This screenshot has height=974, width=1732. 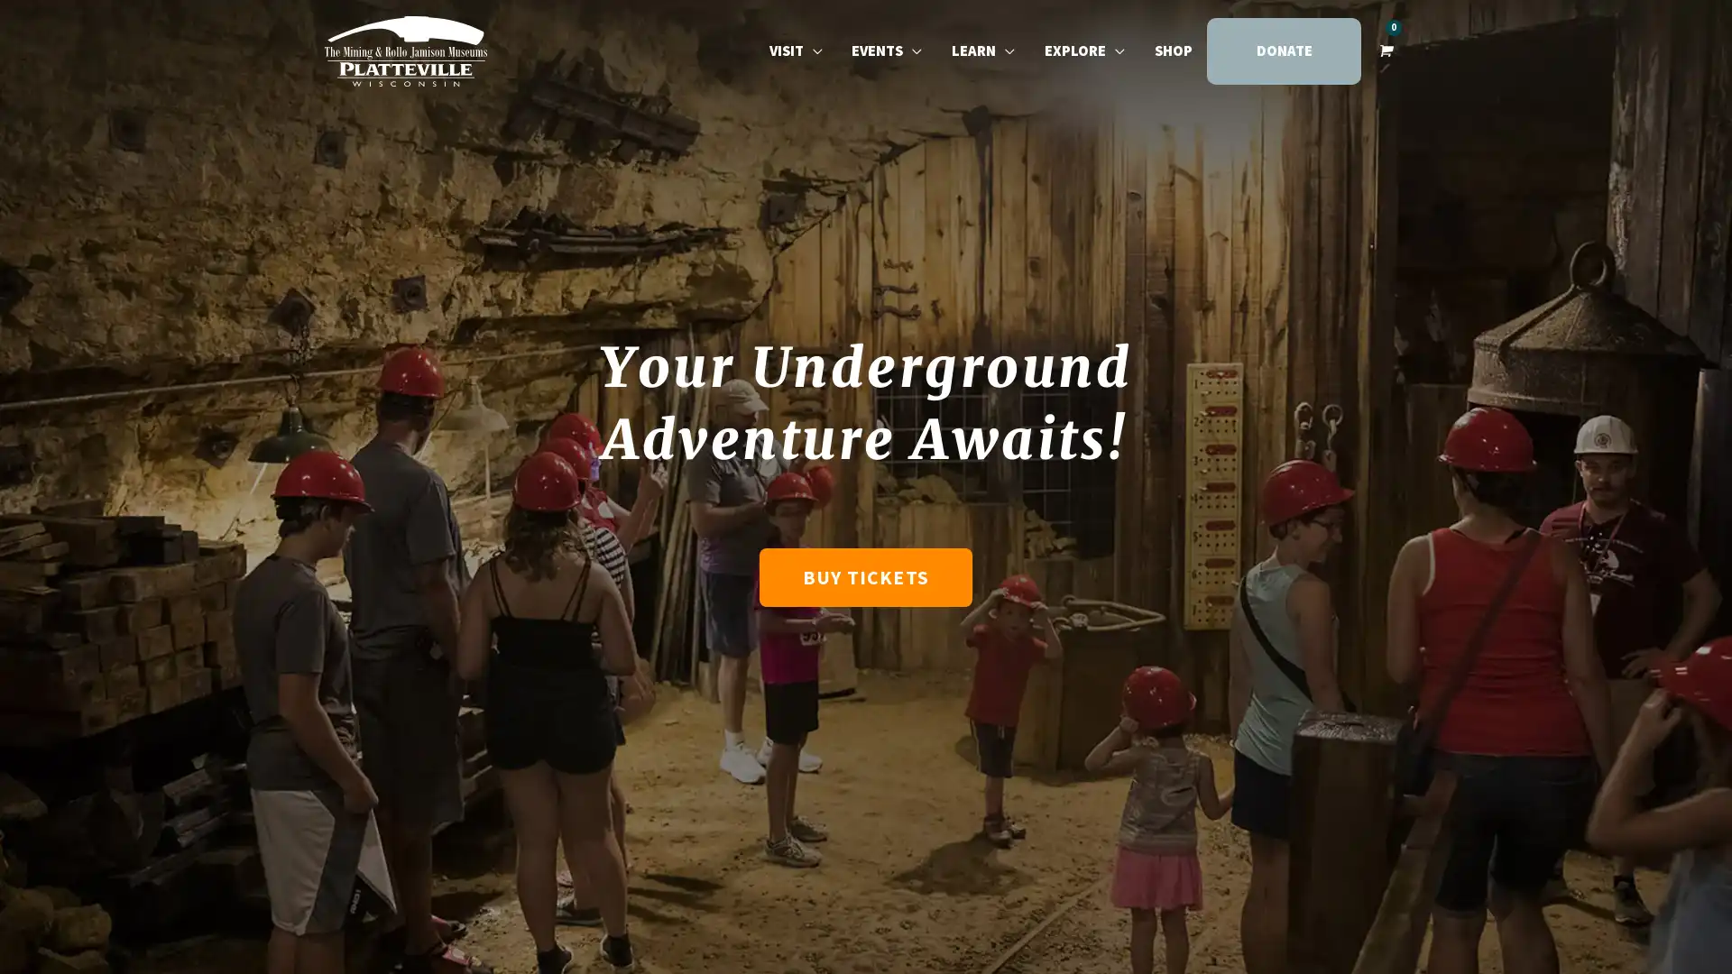 What do you see at coordinates (864, 576) in the screenshot?
I see `Buy Tickets` at bounding box center [864, 576].